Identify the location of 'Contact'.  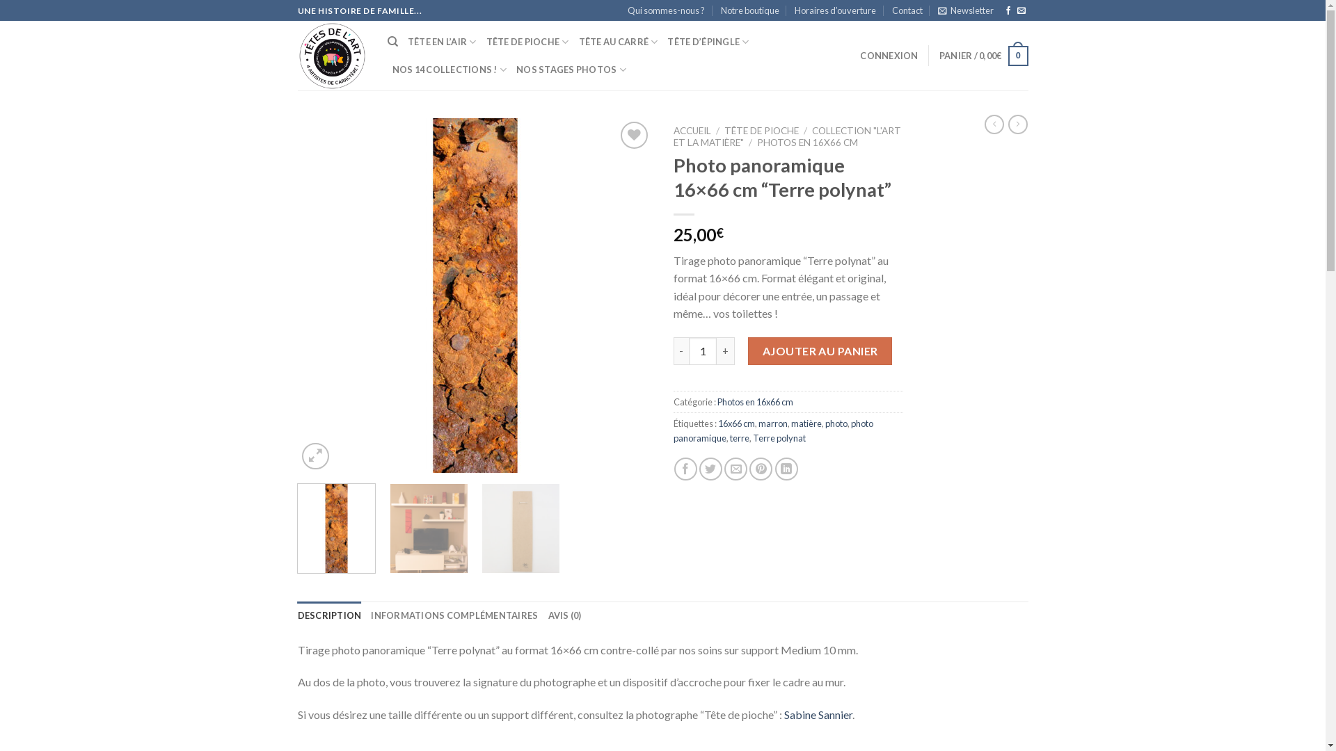
(907, 10).